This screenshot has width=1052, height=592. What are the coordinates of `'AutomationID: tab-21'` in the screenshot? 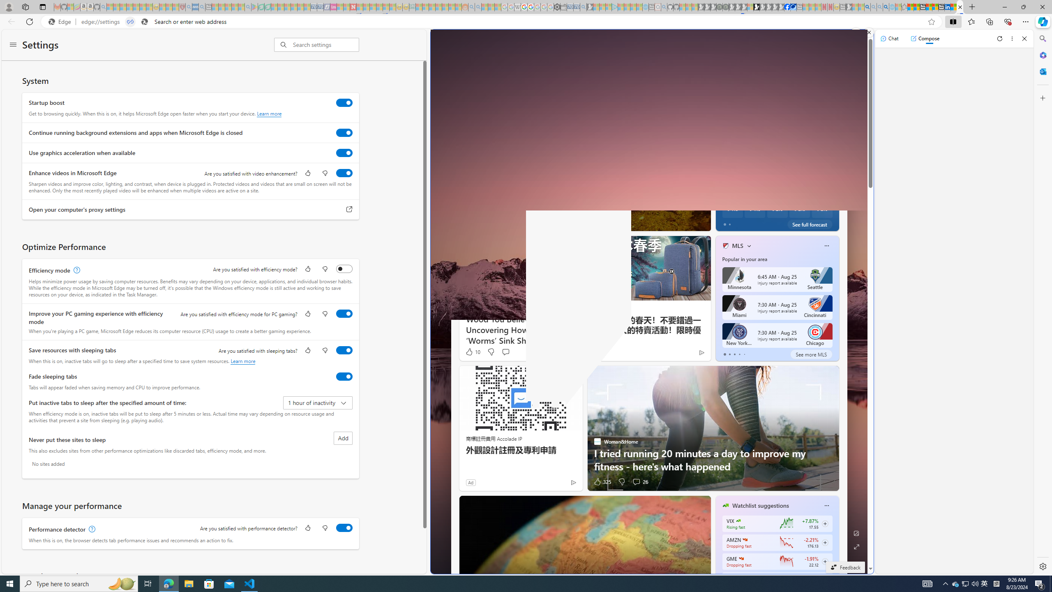 It's located at (587, 222).